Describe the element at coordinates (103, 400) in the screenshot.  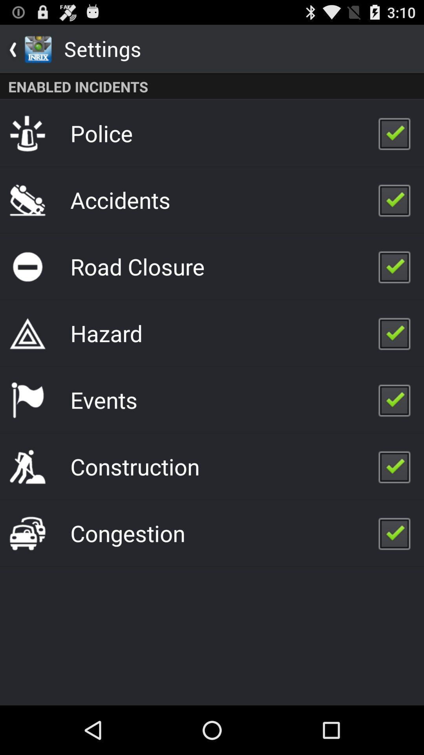
I see `the item above construction` at that location.